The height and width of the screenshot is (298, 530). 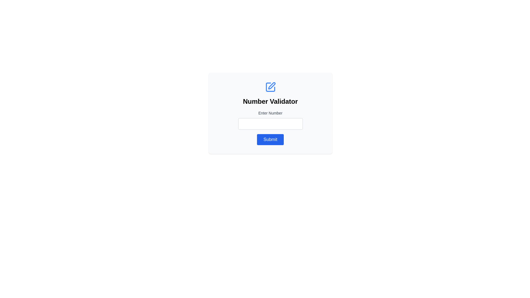 What do you see at coordinates (270, 101) in the screenshot?
I see `the prominent header labeled 'Number Validator' which is a text label (heading) element, centrally aligned beneath a pen icon for context or navigation` at bounding box center [270, 101].